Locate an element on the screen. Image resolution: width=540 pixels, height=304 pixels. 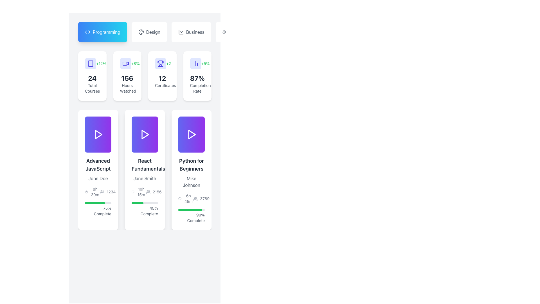
the text label that describes the meaning of the numeric value '24', which indicates the total number of courses, located within the first card in the top row of the section is located at coordinates (92, 88).